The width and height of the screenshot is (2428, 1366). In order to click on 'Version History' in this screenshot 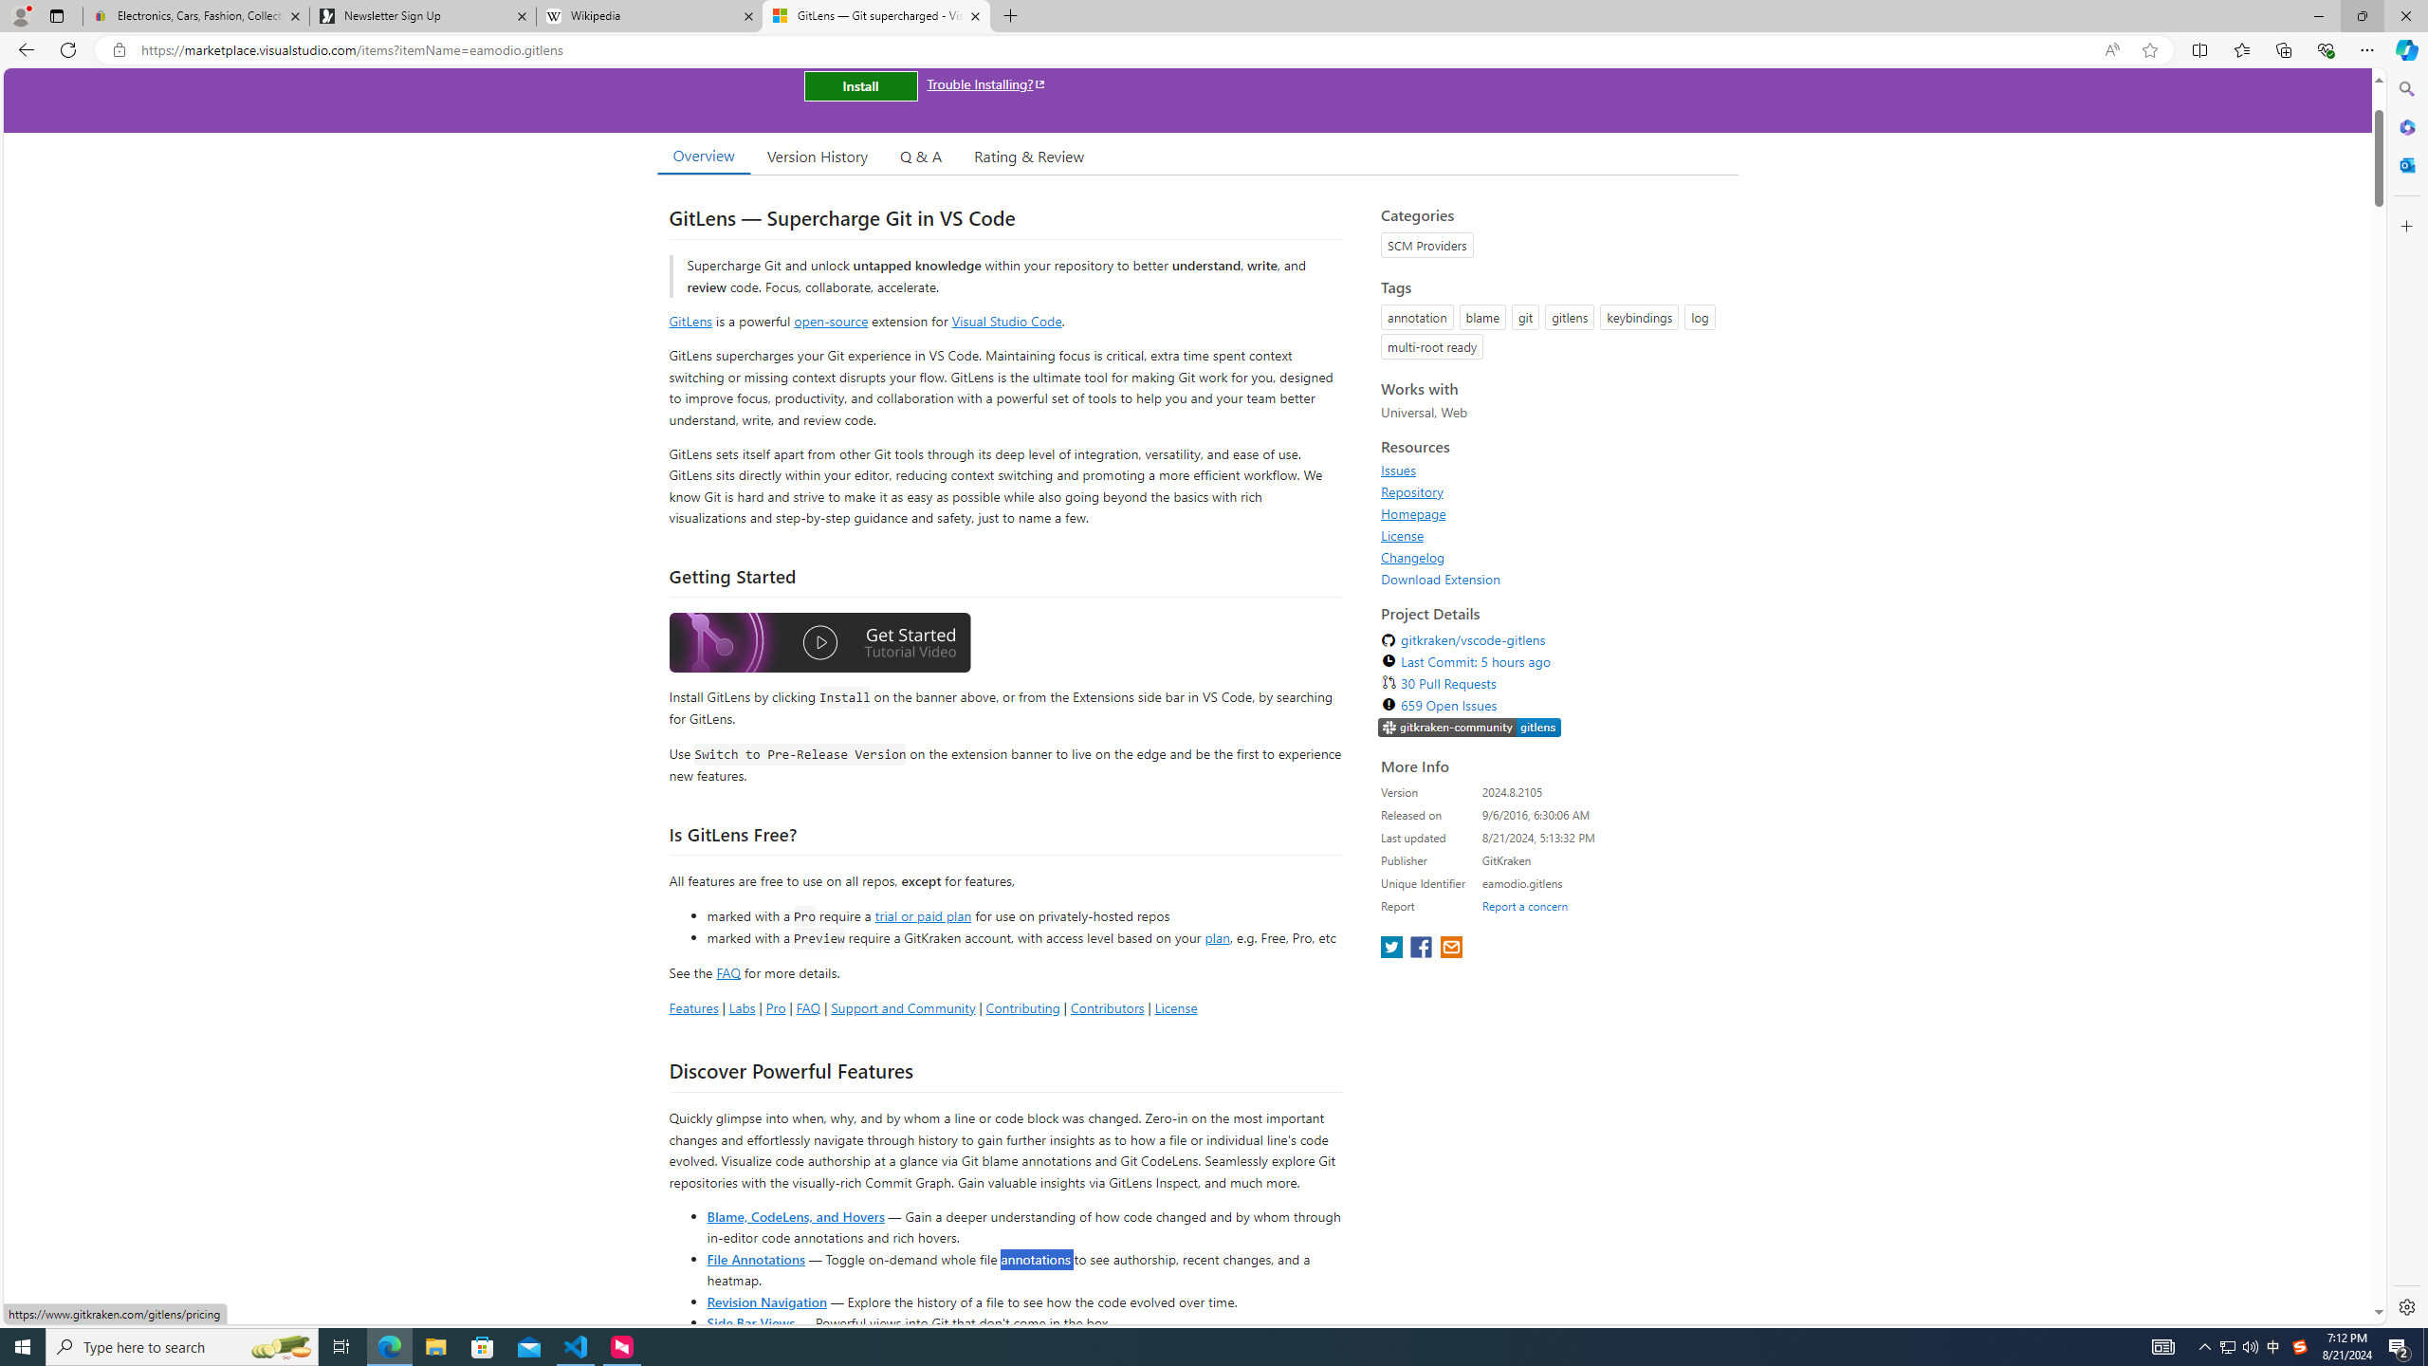, I will do `click(816, 156)`.